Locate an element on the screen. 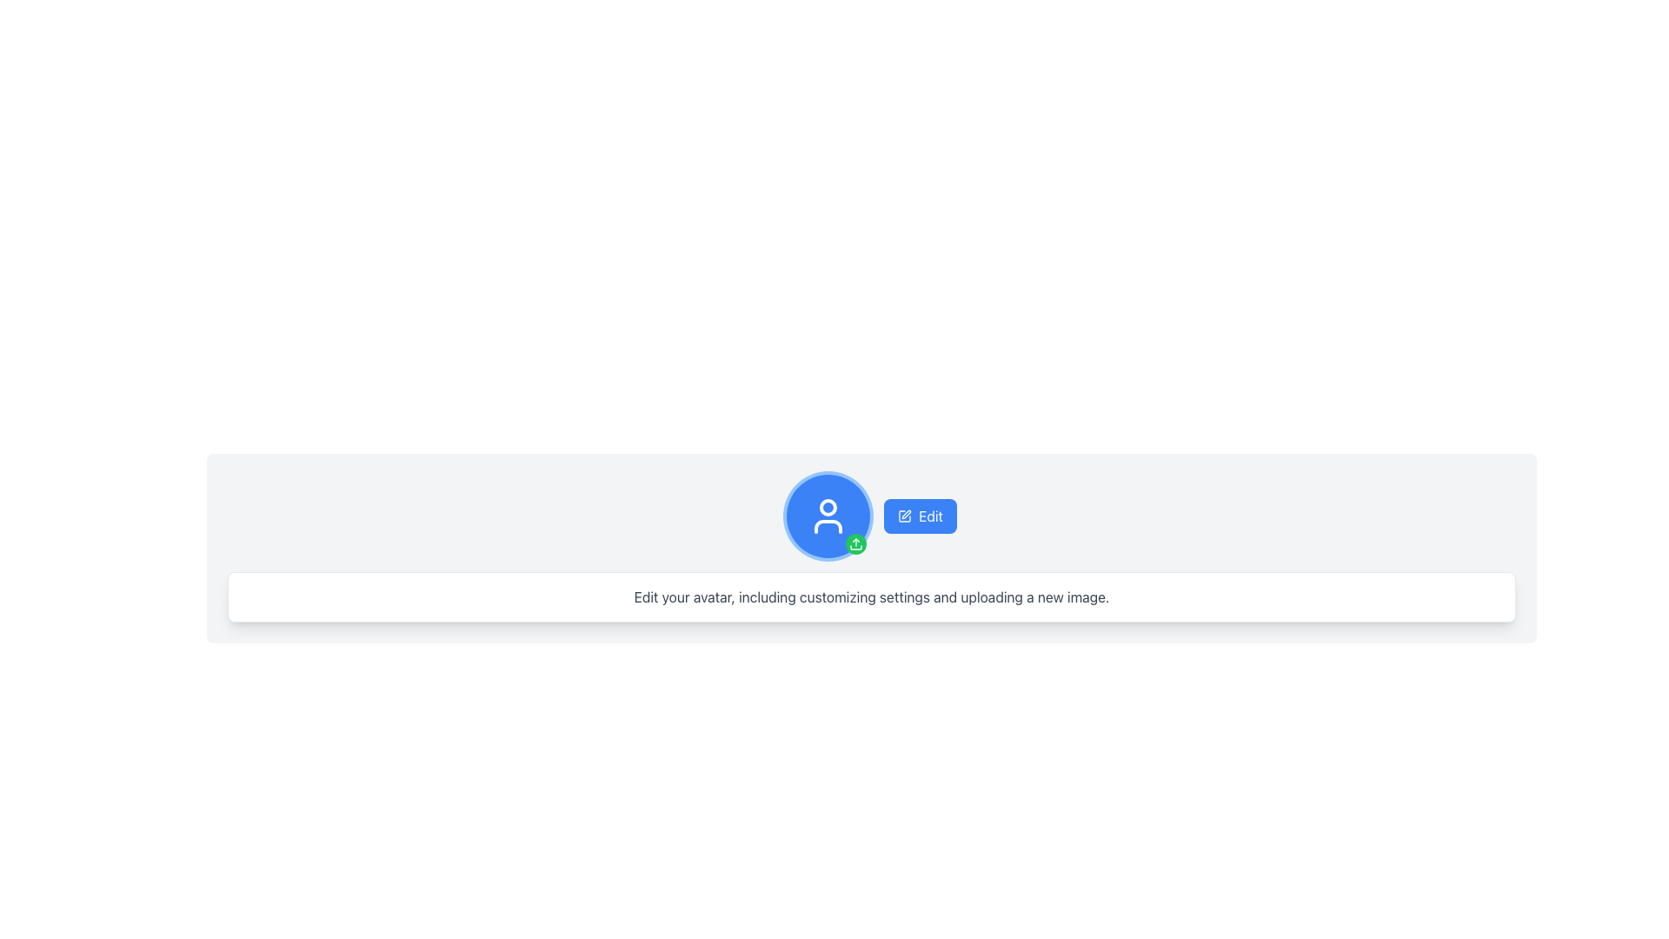 This screenshot has width=1669, height=939. static text element that provides guidance on customizing avatar settings, located at the bottom of the avatar customization content card is located at coordinates (872, 596).